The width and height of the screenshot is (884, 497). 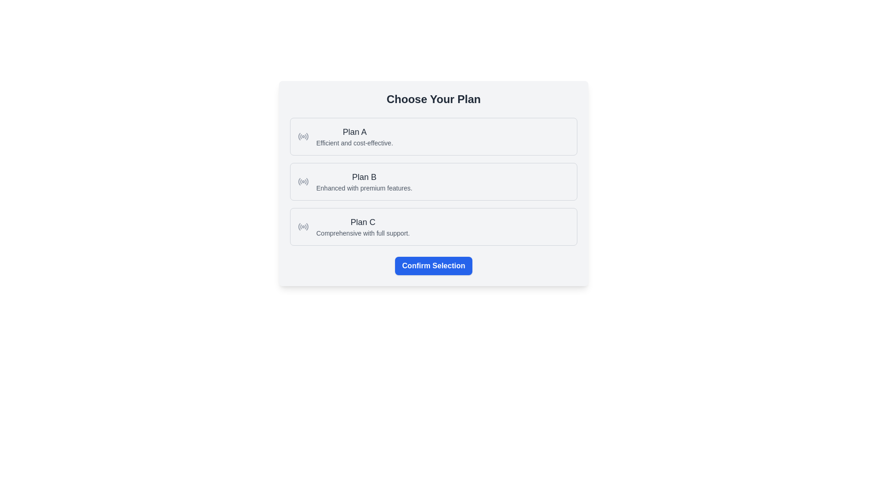 I want to click on the gray radio button indicator icon located to the left of the text 'Plan C Comprehensive with full support.' in the 'Plan C' card, so click(x=303, y=227).